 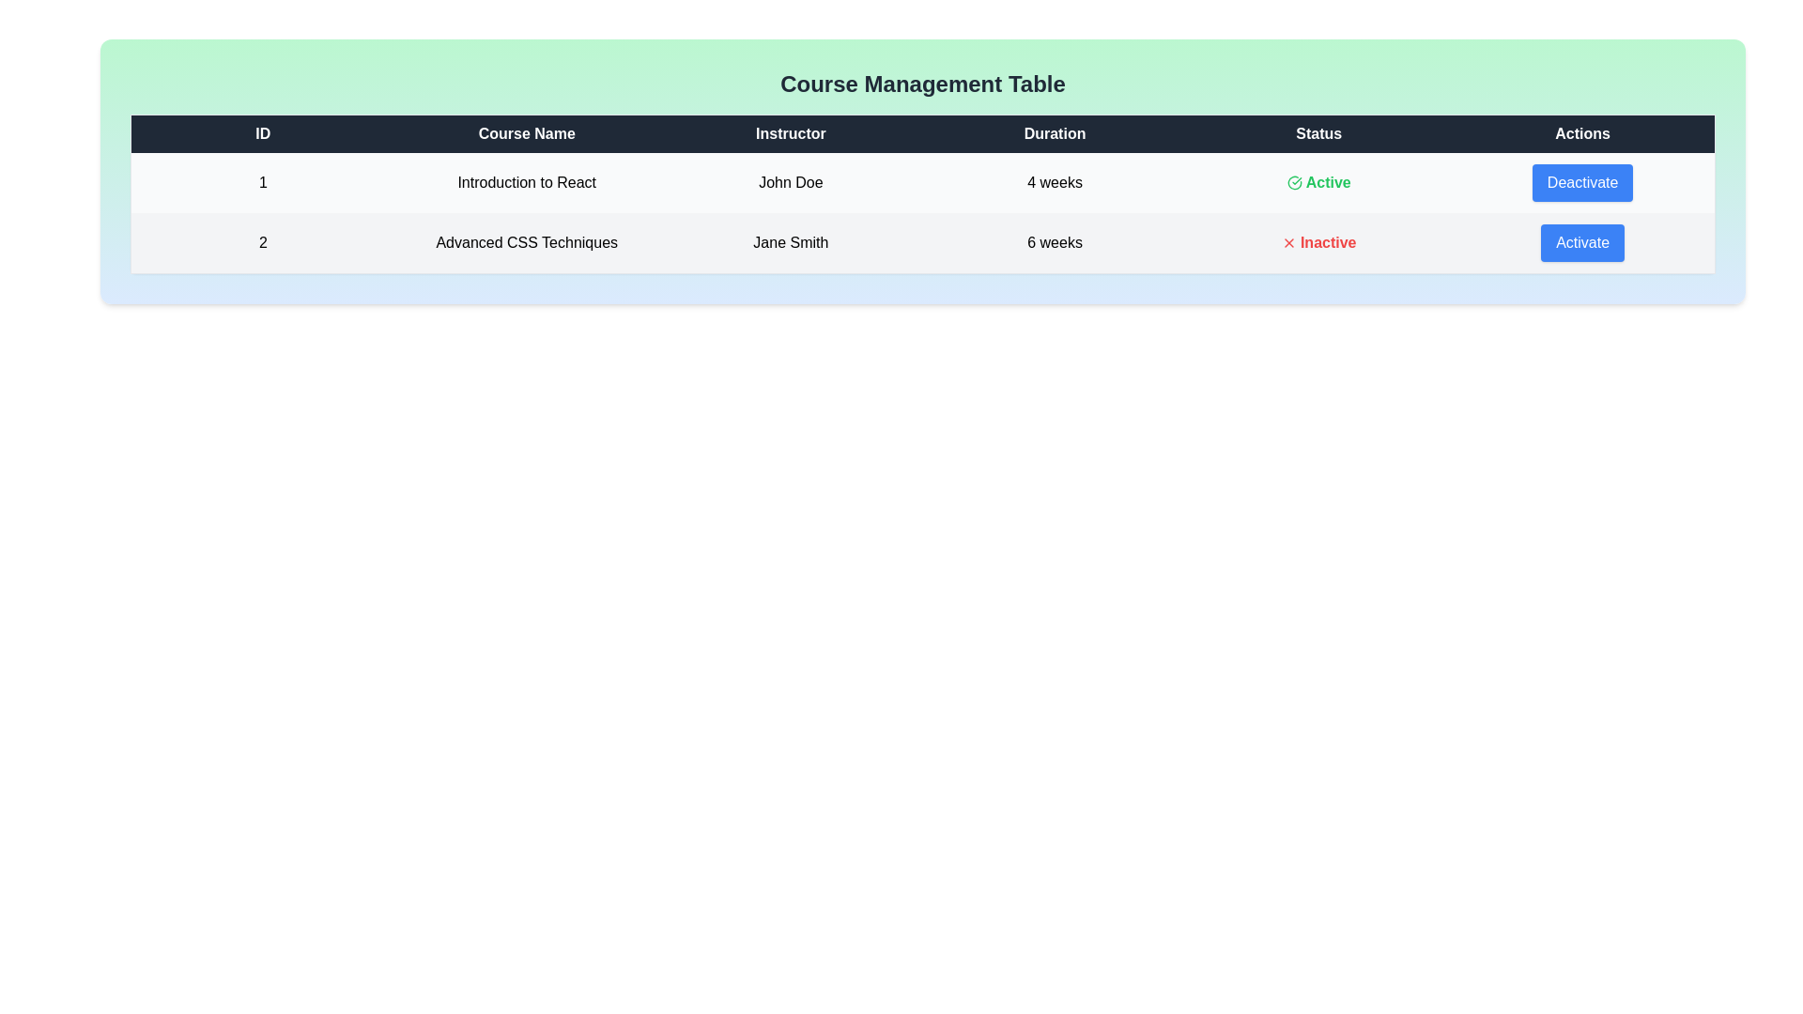 What do you see at coordinates (1055, 242) in the screenshot?
I see `the text label indicating the duration of the 'Advanced CSS Techniques' course in the 'Course Management Table', located in the fourth column of the second row under the 'Duration' column` at bounding box center [1055, 242].